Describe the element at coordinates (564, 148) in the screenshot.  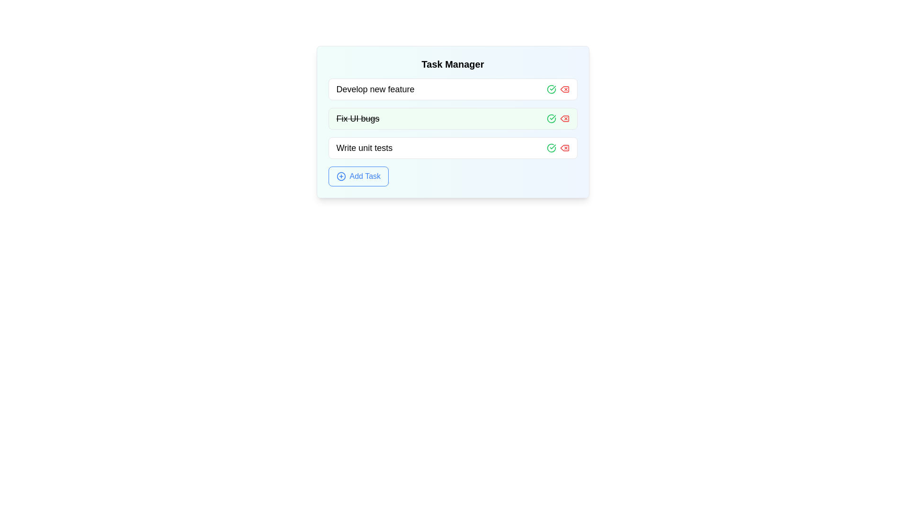
I see `the delete button for the task with title 'Write unit tests'` at that location.